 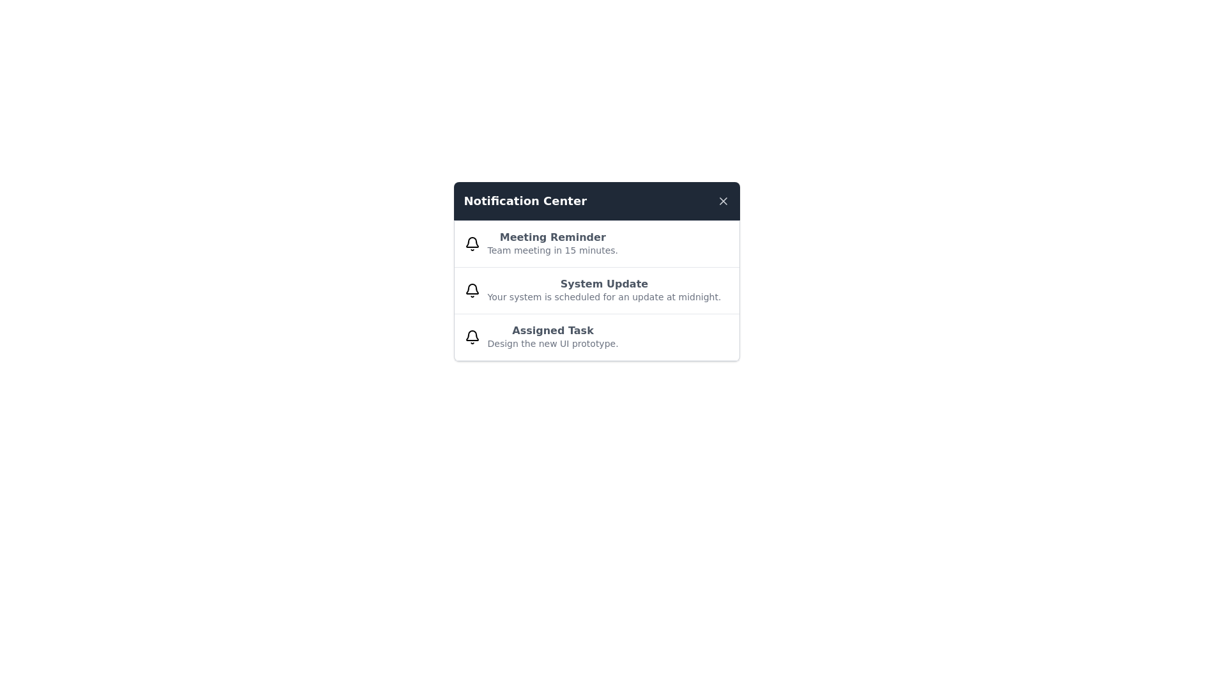 I want to click on the text element displaying 'Design the new UI prototype.' located beneath the 'Assigned Task' heading in the third notification box, so click(x=553, y=342).